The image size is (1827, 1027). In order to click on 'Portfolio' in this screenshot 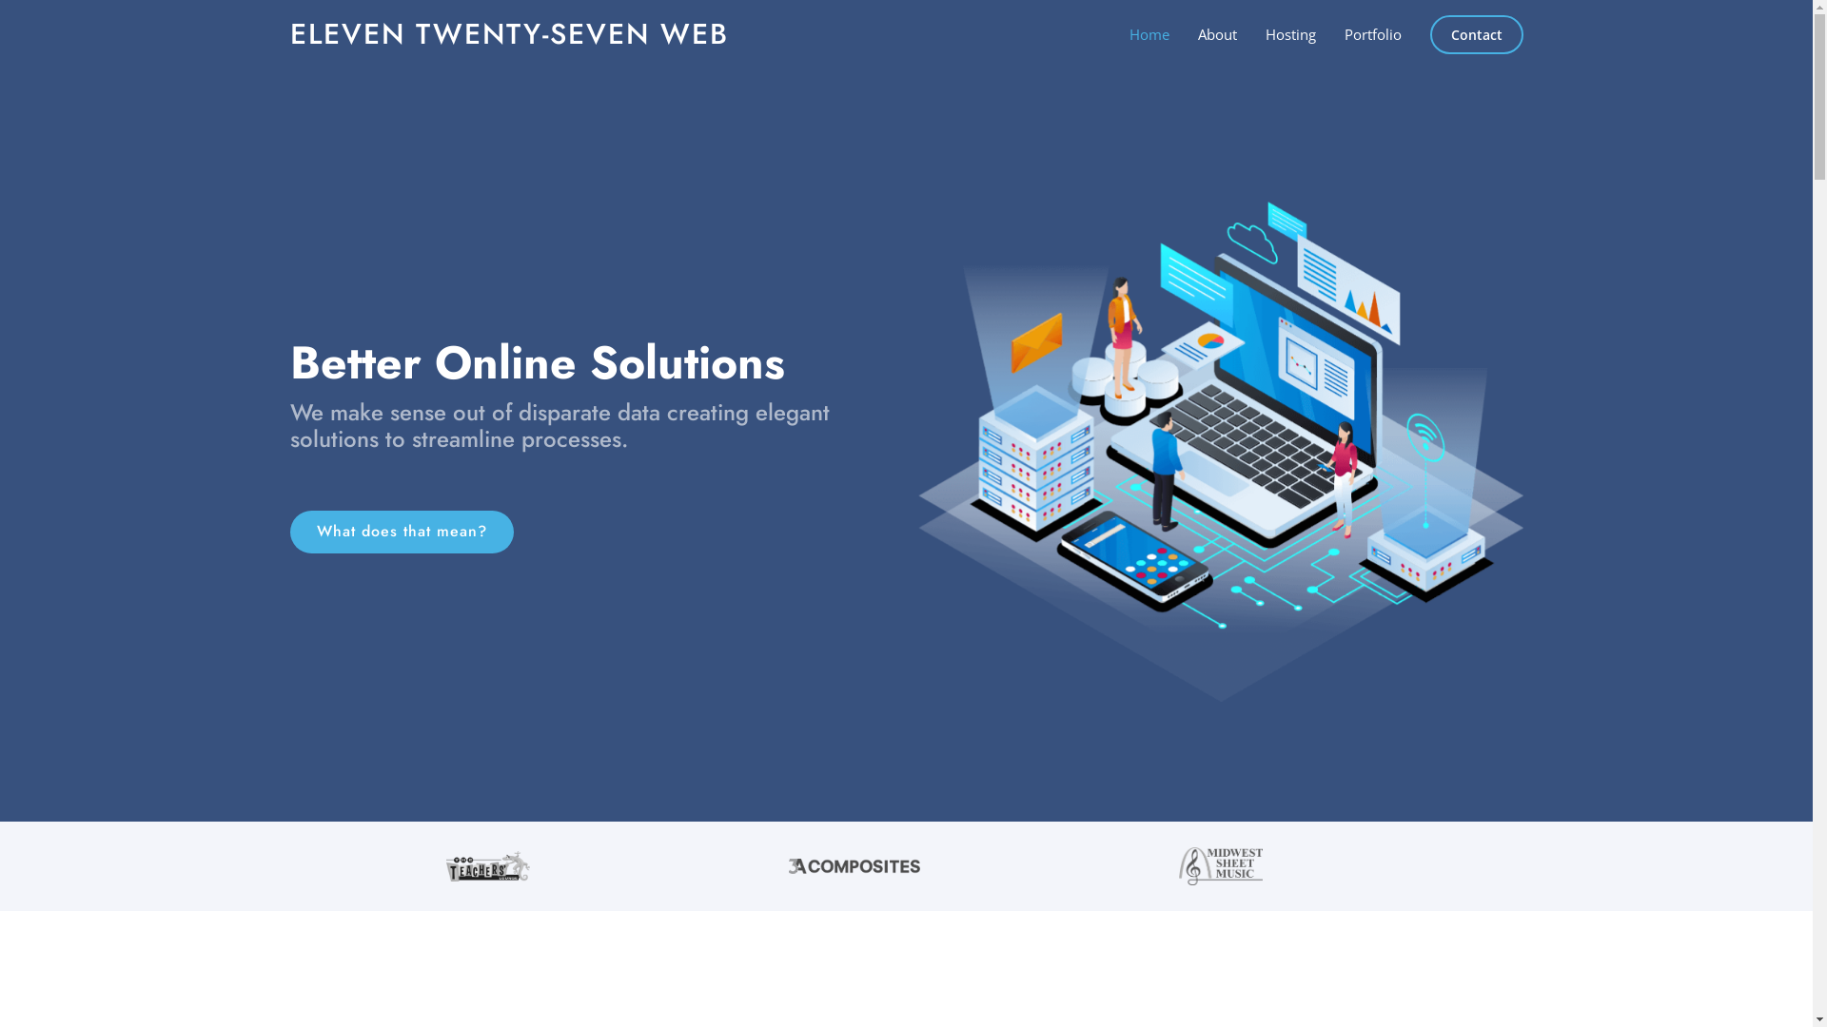, I will do `click(1314, 34)`.